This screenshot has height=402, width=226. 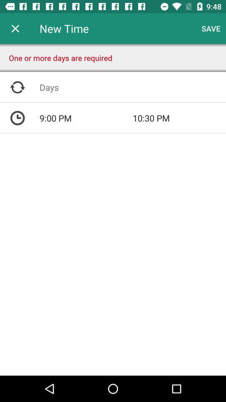 I want to click on item above the 9:00 pm item, so click(x=133, y=87).